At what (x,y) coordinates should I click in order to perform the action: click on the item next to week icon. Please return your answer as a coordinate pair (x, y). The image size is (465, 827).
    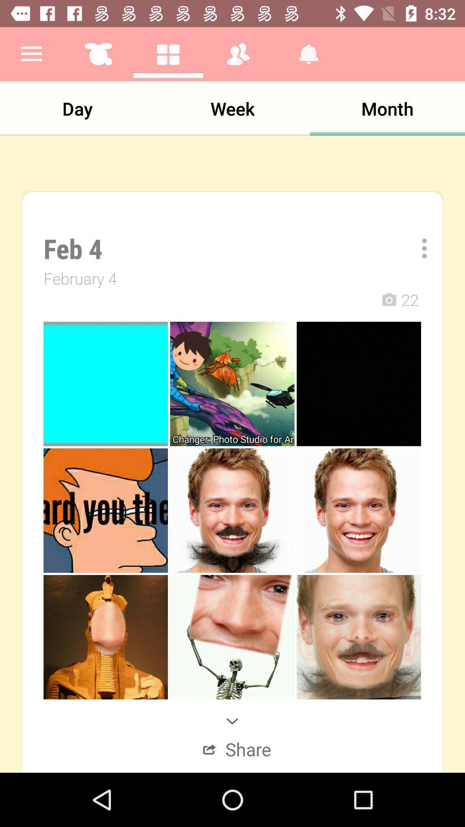
    Looking at the image, I should click on (77, 108).